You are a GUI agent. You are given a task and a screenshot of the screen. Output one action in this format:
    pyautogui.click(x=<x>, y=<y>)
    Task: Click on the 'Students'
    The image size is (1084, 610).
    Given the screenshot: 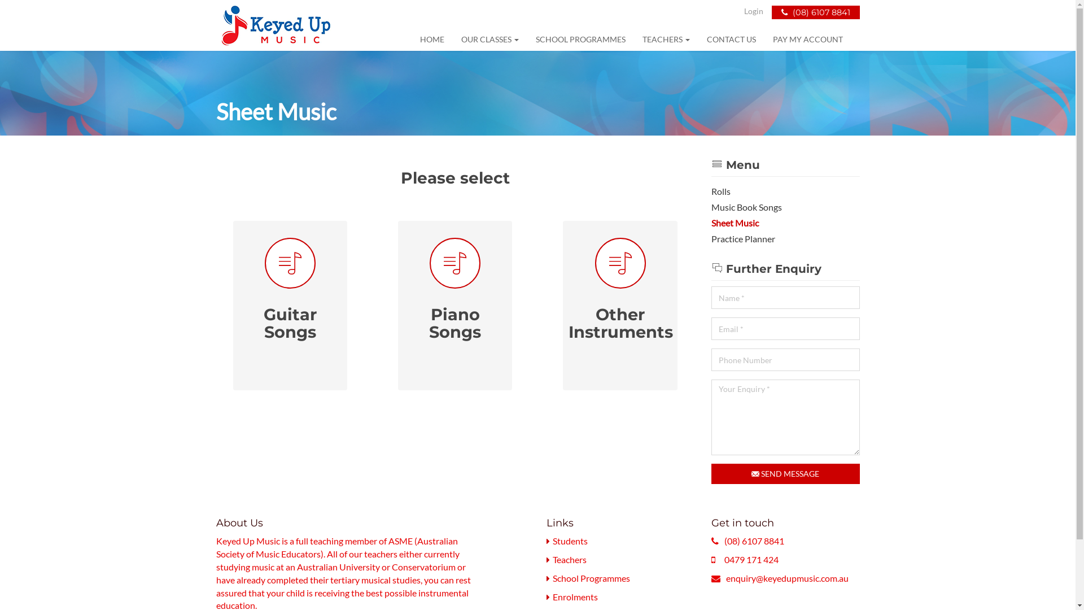 What is the action you would take?
    pyautogui.click(x=569, y=540)
    